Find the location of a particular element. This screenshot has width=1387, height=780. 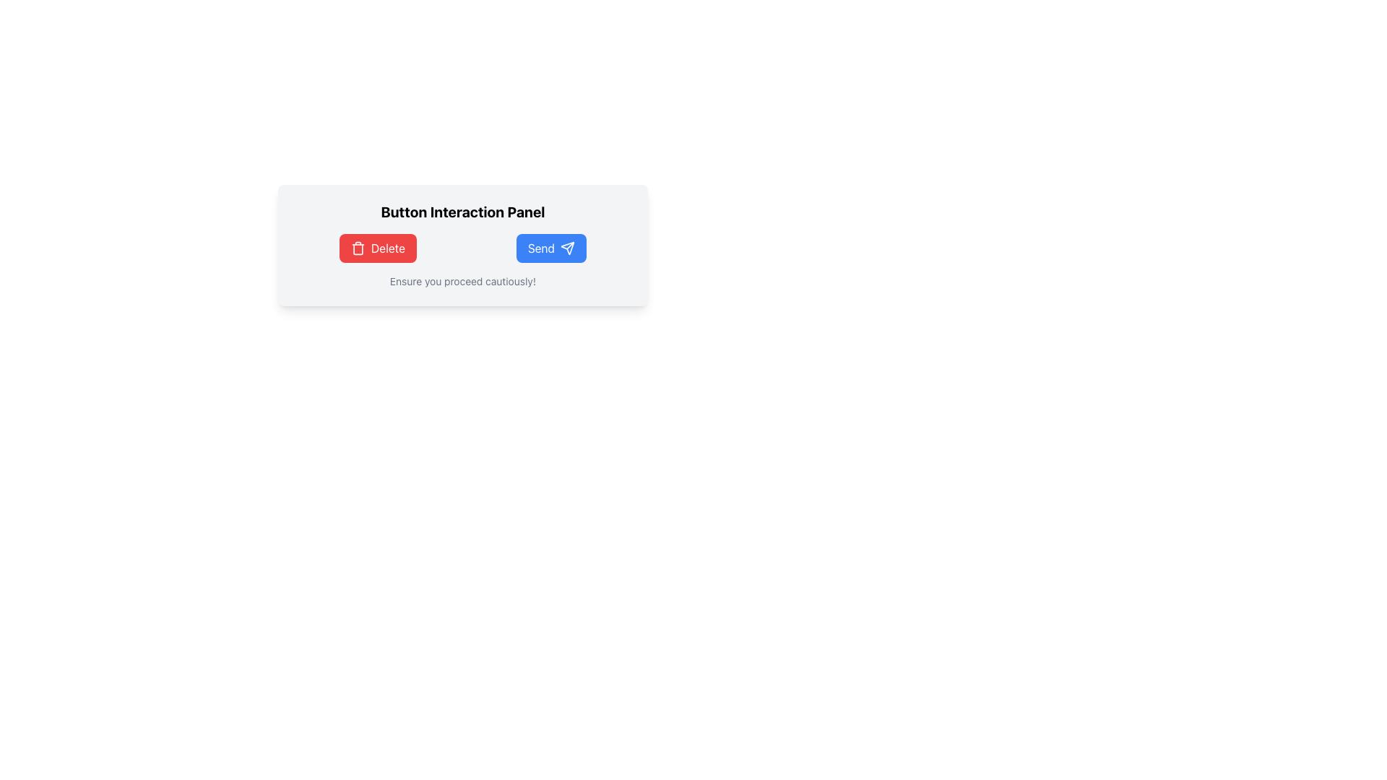

the confirmation button located to the right of the red 'Delete' button in the upper-right section of the interface panel for keyboard interaction is located at coordinates (550, 247).